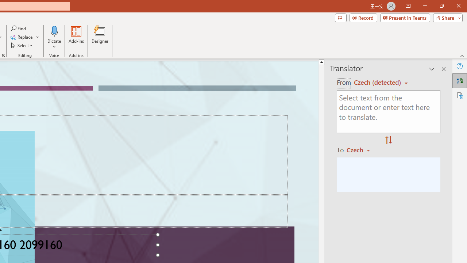 The image size is (467, 263). I want to click on 'Designer', so click(100, 38).